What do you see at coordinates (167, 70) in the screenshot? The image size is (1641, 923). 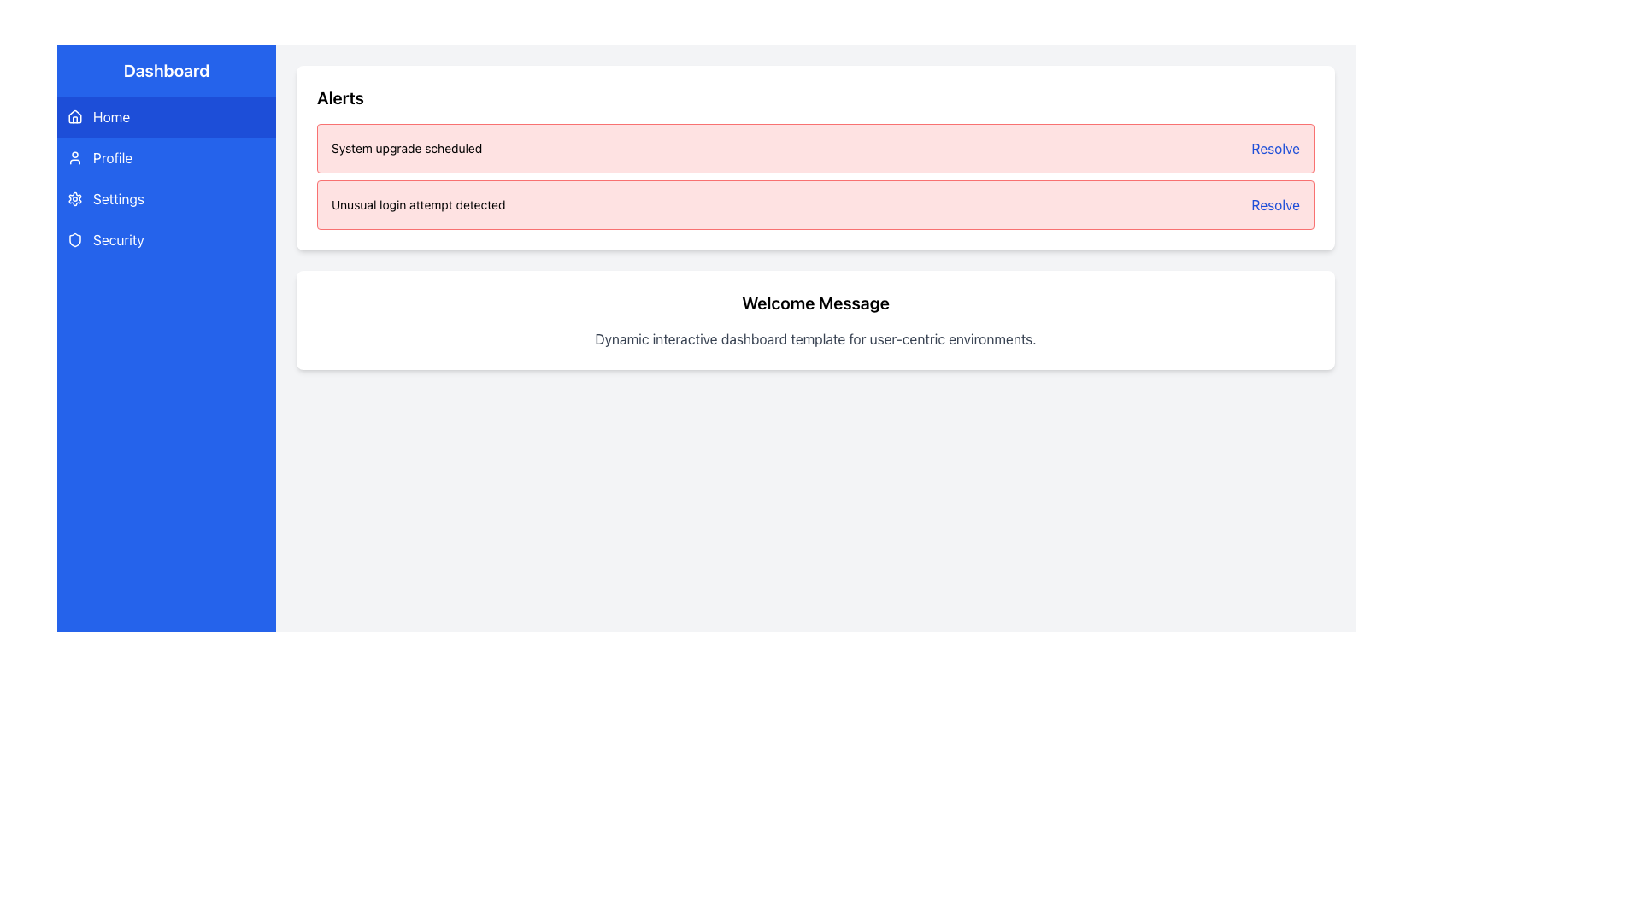 I see `the bold text label reading 'Dashboard' at the top of the sidebar menu` at bounding box center [167, 70].